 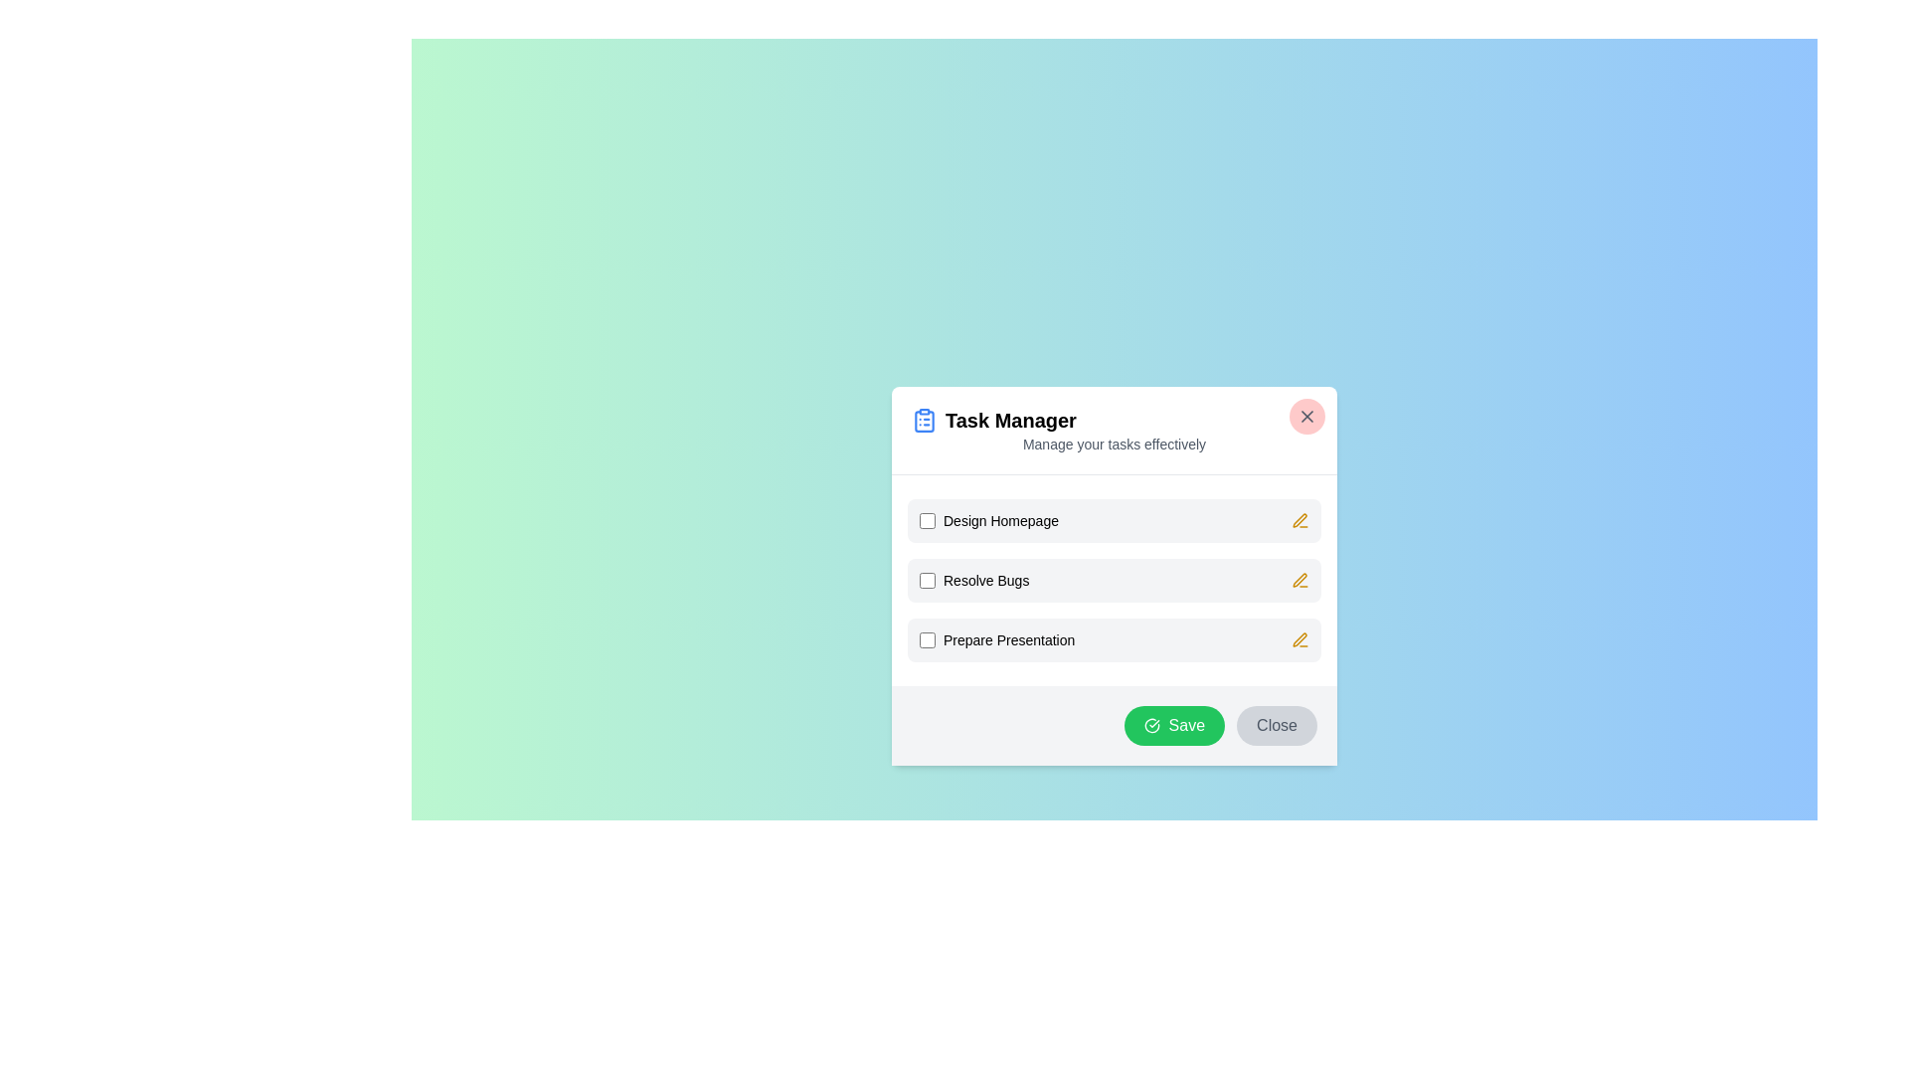 I want to click on the small blue clipboard icon located to the left of the 'Task Manager' title text, so click(x=924, y=419).